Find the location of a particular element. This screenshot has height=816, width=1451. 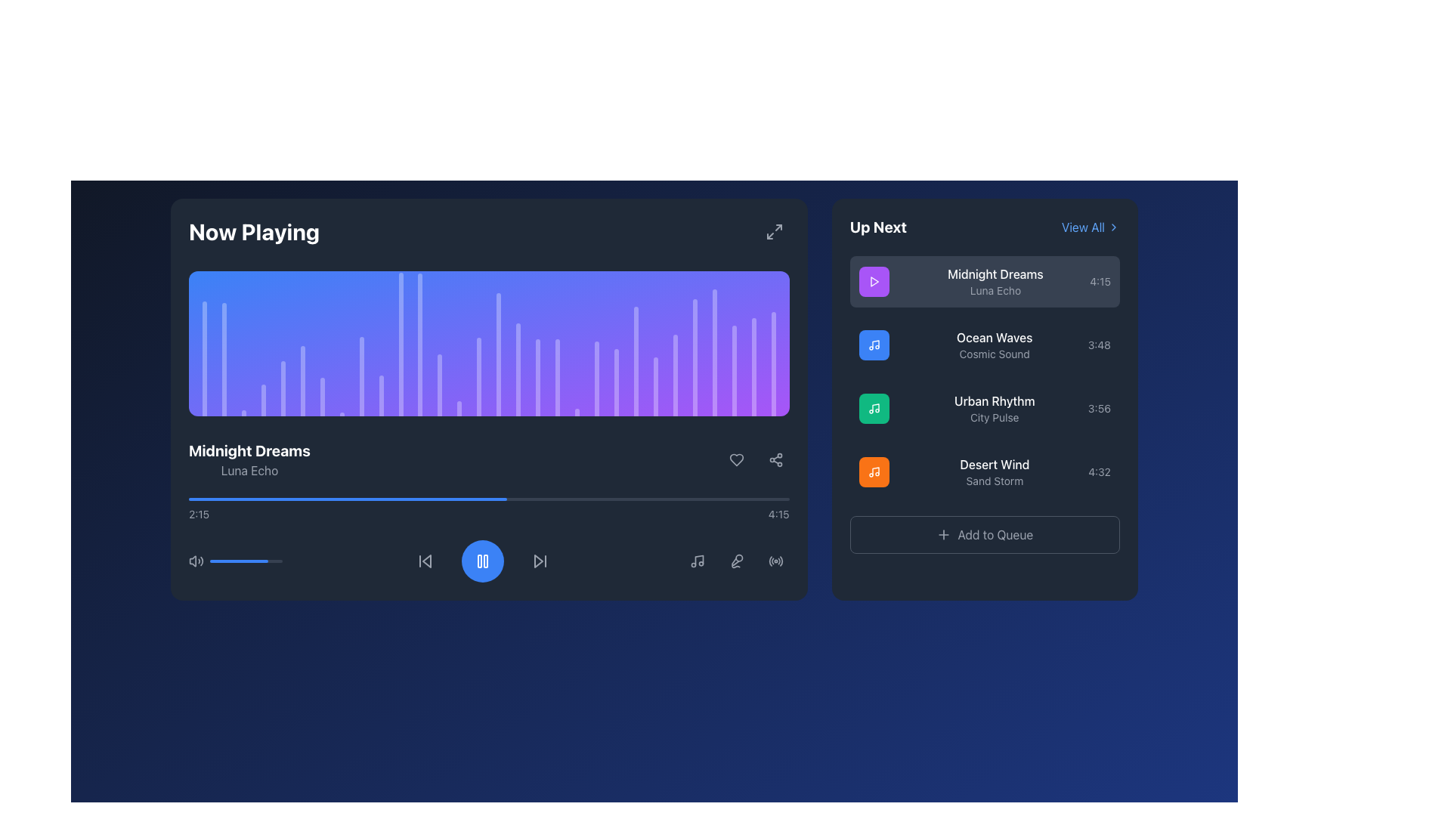

the label that displays the title of the currently playing track, located in the center-left area of the interface, underneath the graphical equalizer representation is located at coordinates (249, 450).